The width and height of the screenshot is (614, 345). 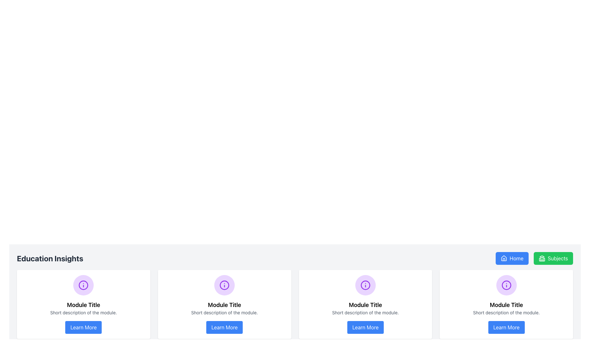 I want to click on the text label displaying 'Module Title', which is formatted in bold and positioned centrally under a purple circular icon with an information symbol, so click(x=365, y=305).